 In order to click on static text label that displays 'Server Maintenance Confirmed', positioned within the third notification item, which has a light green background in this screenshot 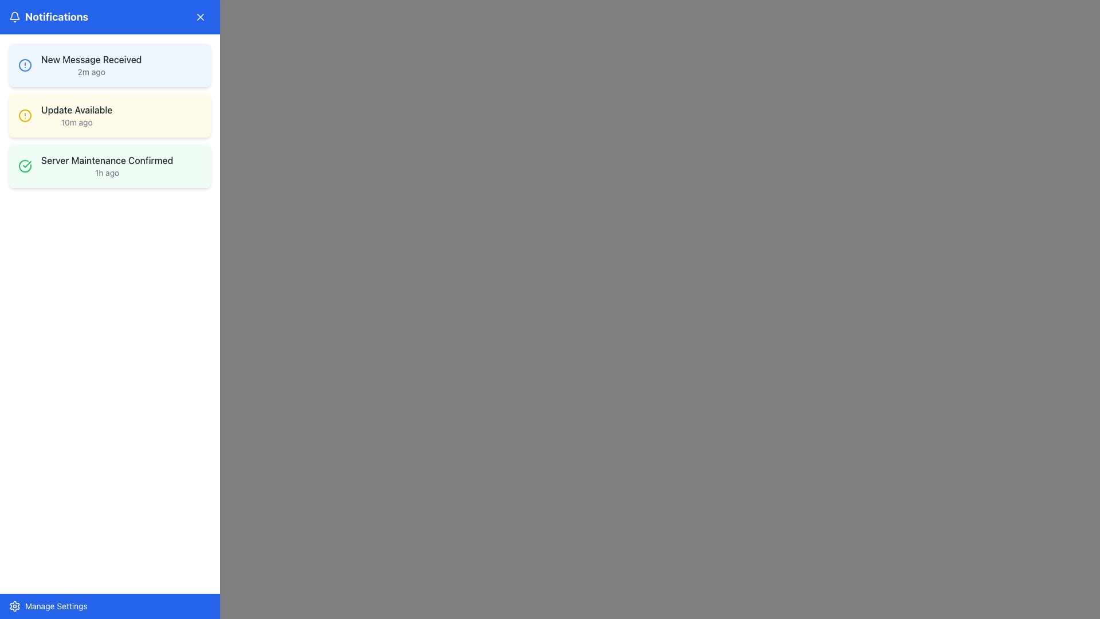, I will do `click(107, 160)`.